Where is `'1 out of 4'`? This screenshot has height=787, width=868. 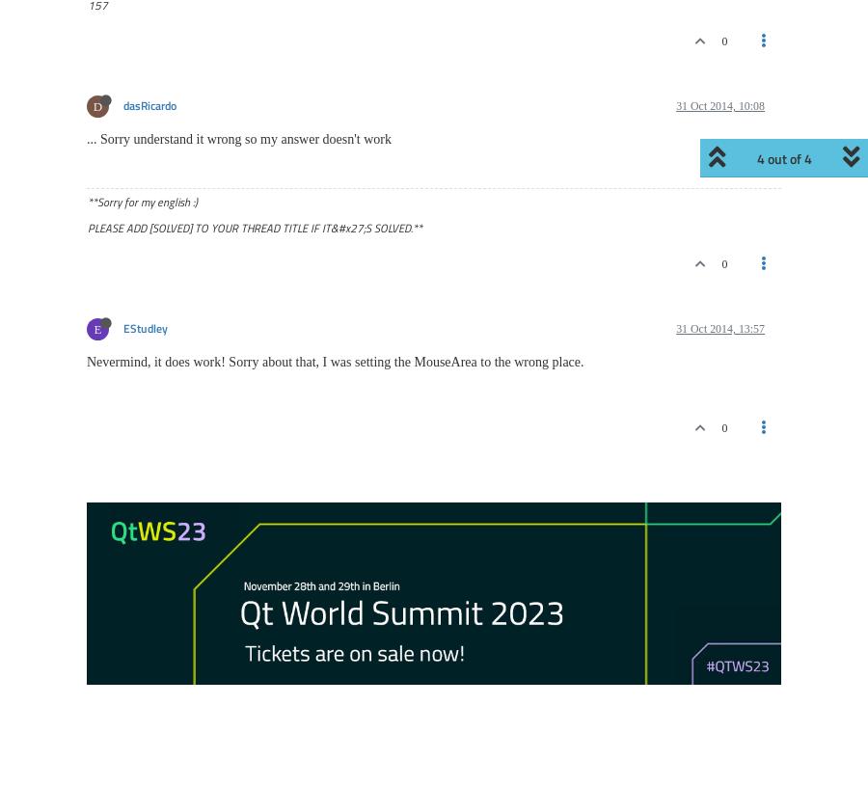 '1 out of 4' is located at coordinates (783, 158).